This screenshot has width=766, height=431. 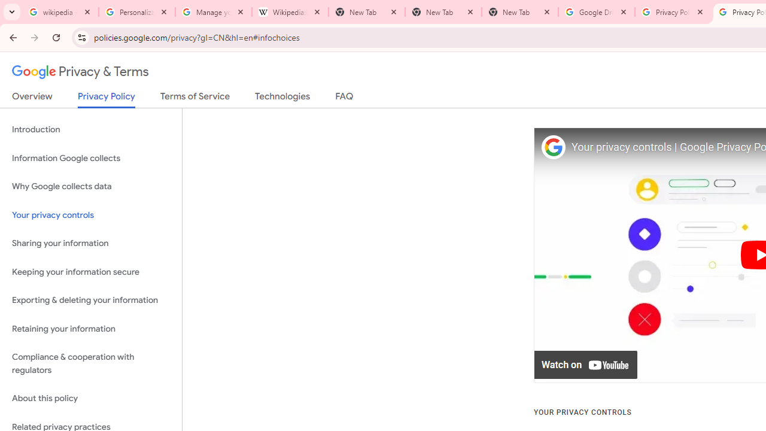 What do you see at coordinates (32, 98) in the screenshot?
I see `'Overview'` at bounding box center [32, 98].